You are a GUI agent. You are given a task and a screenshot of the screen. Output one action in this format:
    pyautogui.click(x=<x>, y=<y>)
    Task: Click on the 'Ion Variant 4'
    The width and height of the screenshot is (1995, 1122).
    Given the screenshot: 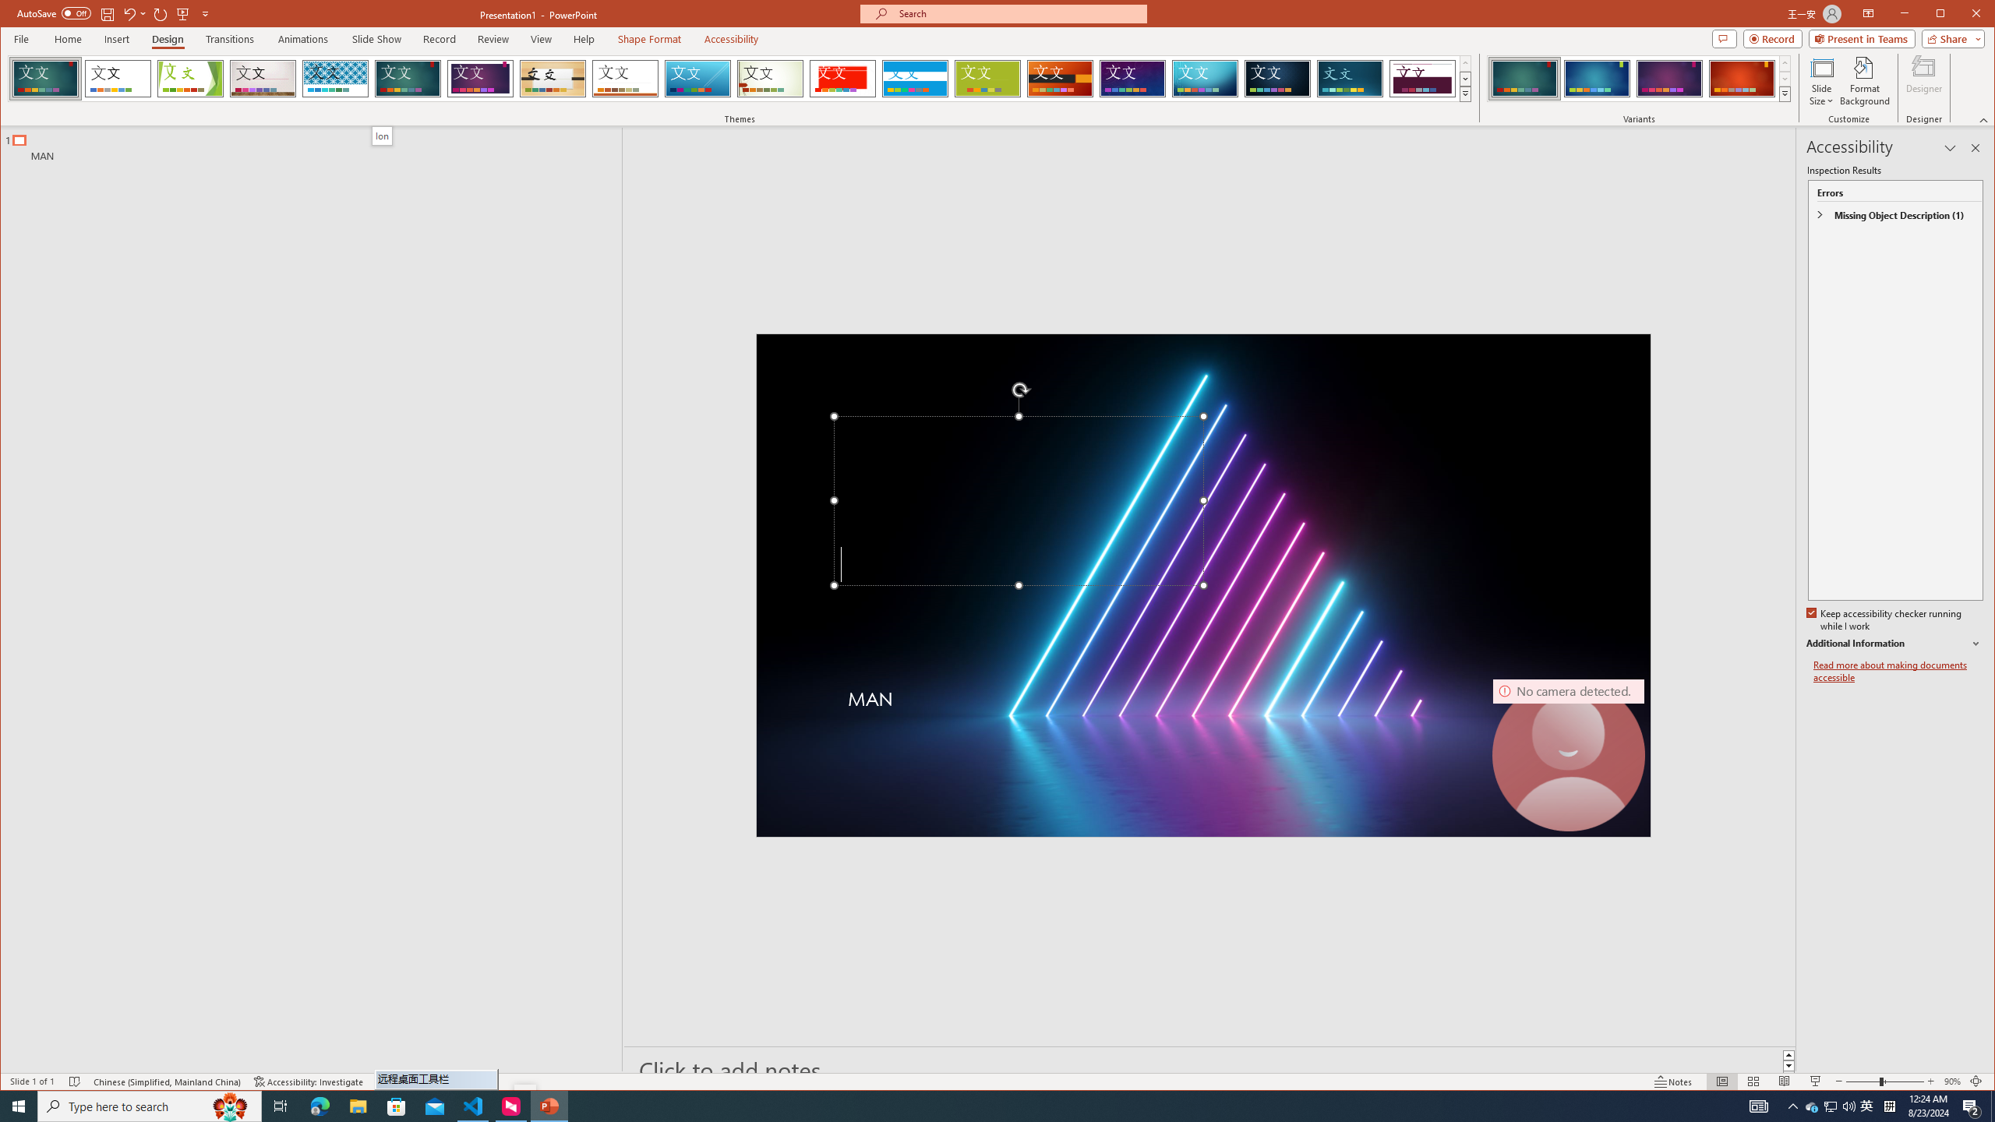 What is the action you would take?
    pyautogui.click(x=1740, y=78)
    